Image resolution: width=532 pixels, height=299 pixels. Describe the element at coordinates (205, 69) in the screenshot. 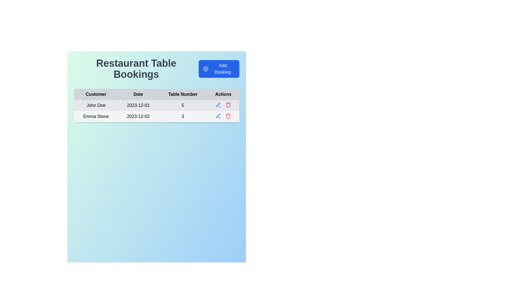

I see `the inner circular part of the 'Add Booking' button, which is a graphical component representing a point of interaction for adding new bookings` at that location.